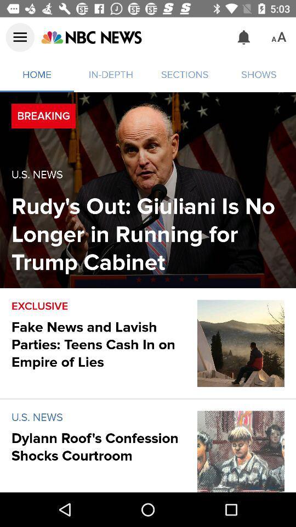  What do you see at coordinates (90, 37) in the screenshot?
I see `item to the left of the sections item` at bounding box center [90, 37].